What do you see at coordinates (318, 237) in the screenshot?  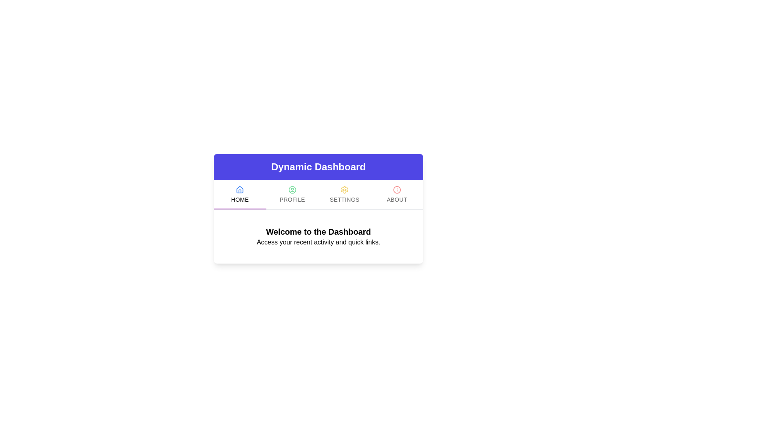 I see `the Text Block that contains 'Welcome to the Dashboard' and 'Access your recent activity and quick links.' located directly below the navigation tabs in the 'Dynamic Dashboard' interface` at bounding box center [318, 237].